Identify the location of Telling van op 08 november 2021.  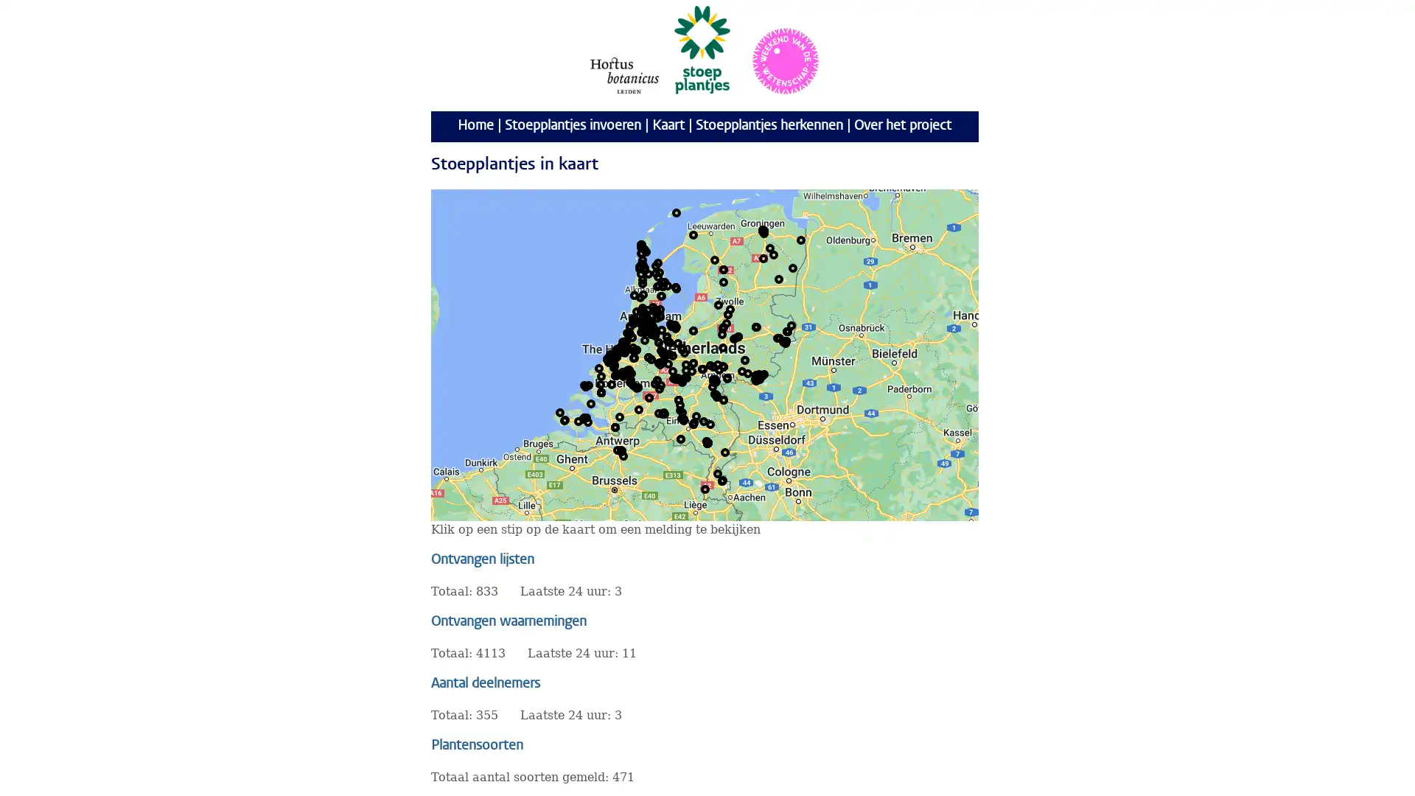
(648, 273).